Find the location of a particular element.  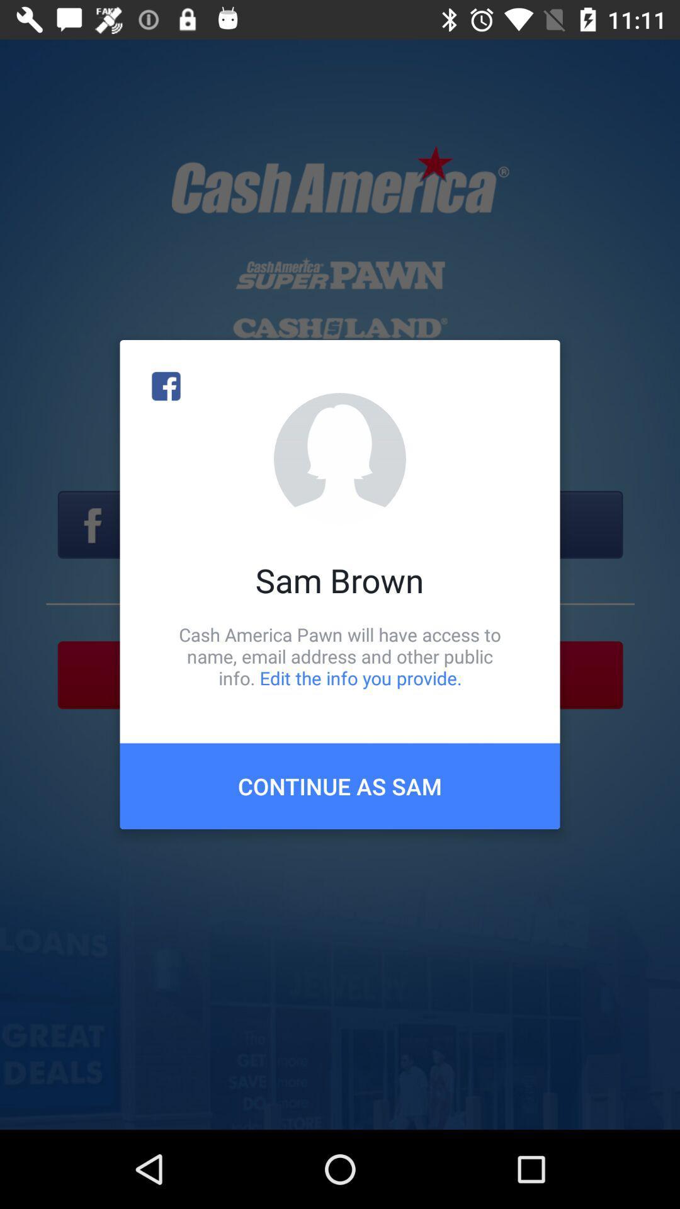

the icon above continue as sam item is located at coordinates (340, 656).